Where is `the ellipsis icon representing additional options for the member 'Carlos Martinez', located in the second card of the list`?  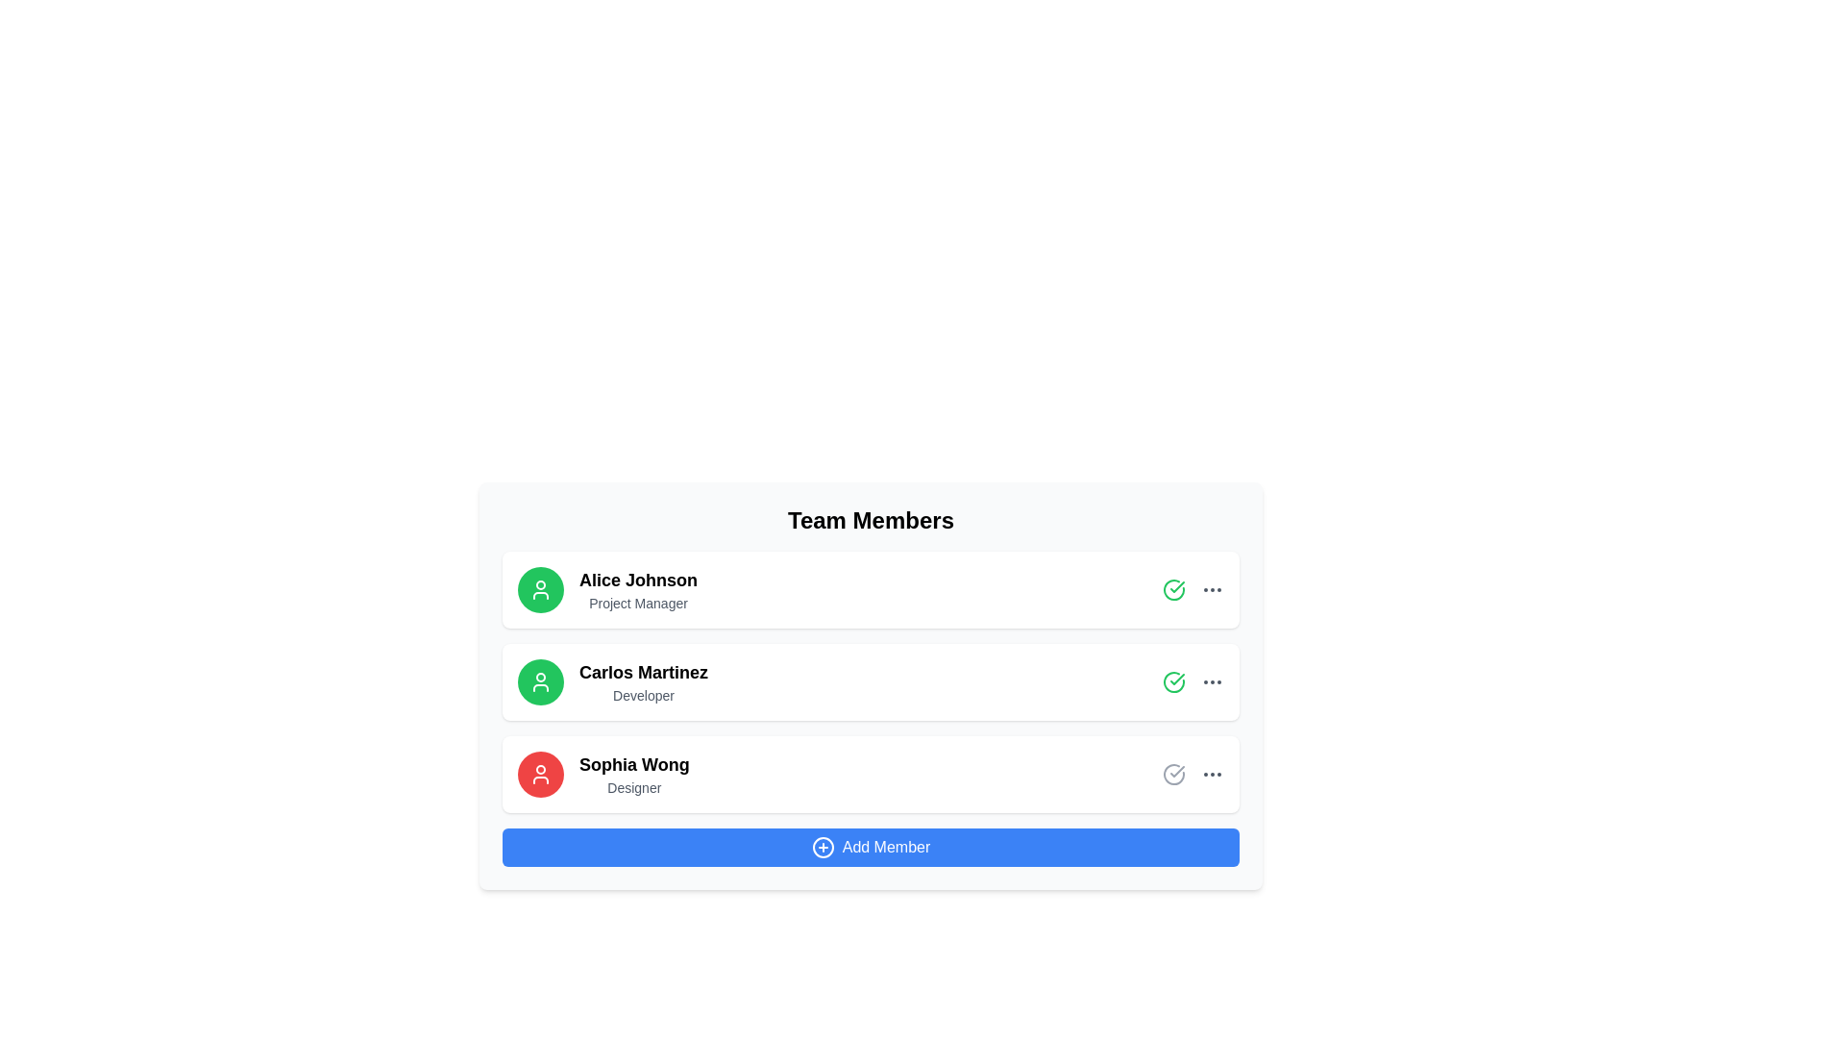
the ellipsis icon representing additional options for the member 'Carlos Martinez', located in the second card of the list is located at coordinates (1212, 680).